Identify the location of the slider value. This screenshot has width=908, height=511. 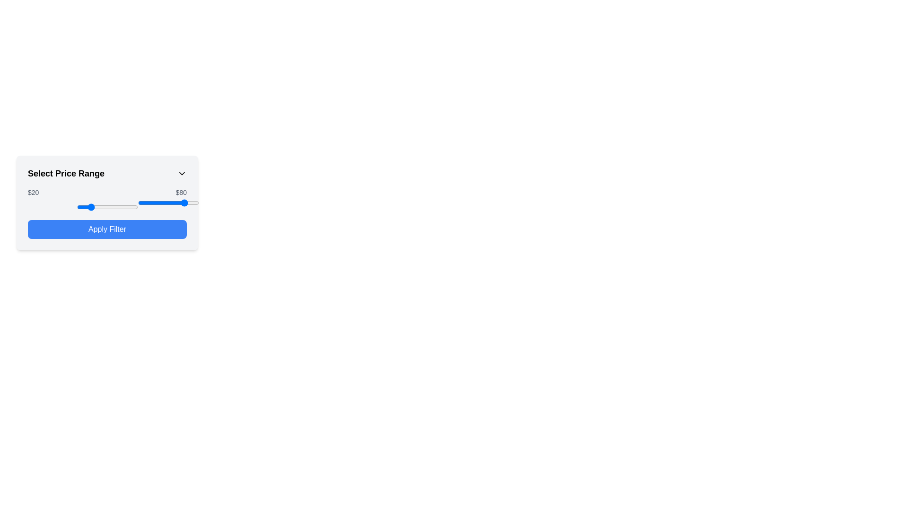
(81, 207).